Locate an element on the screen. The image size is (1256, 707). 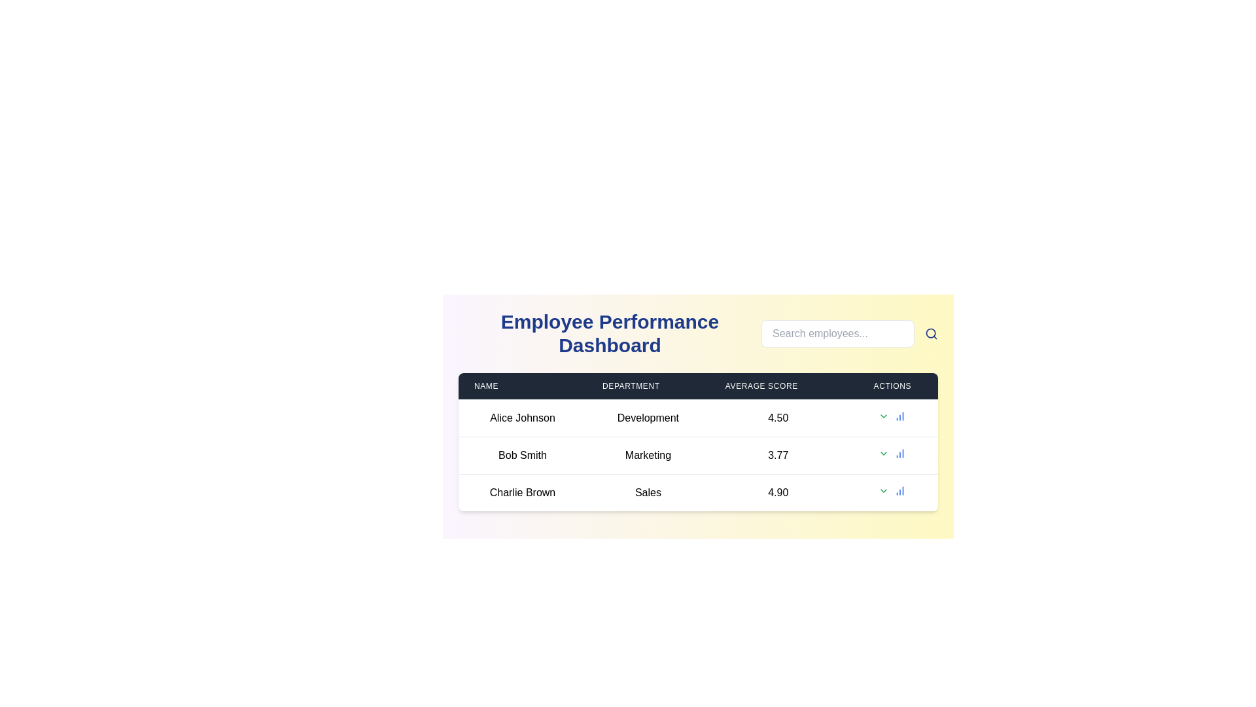
the third action icon button in the 'Actions' column of the table associated with employee 'Bob Smith' is located at coordinates (899, 453).